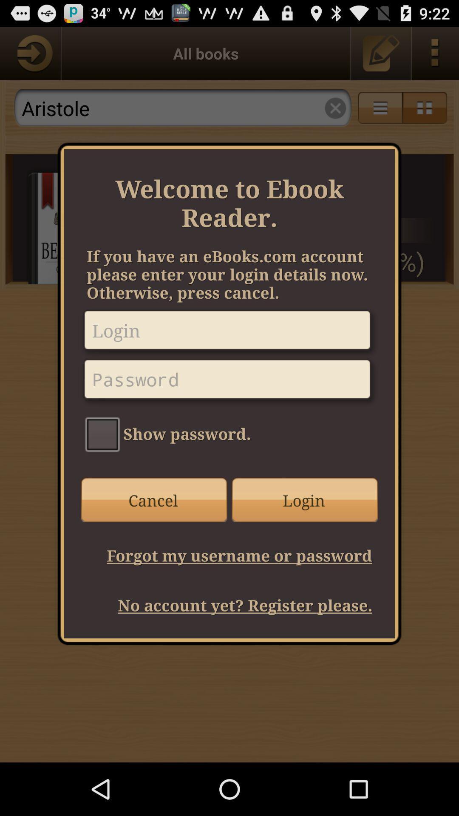 The width and height of the screenshot is (459, 816). What do you see at coordinates (229, 382) in the screenshot?
I see `password here` at bounding box center [229, 382].